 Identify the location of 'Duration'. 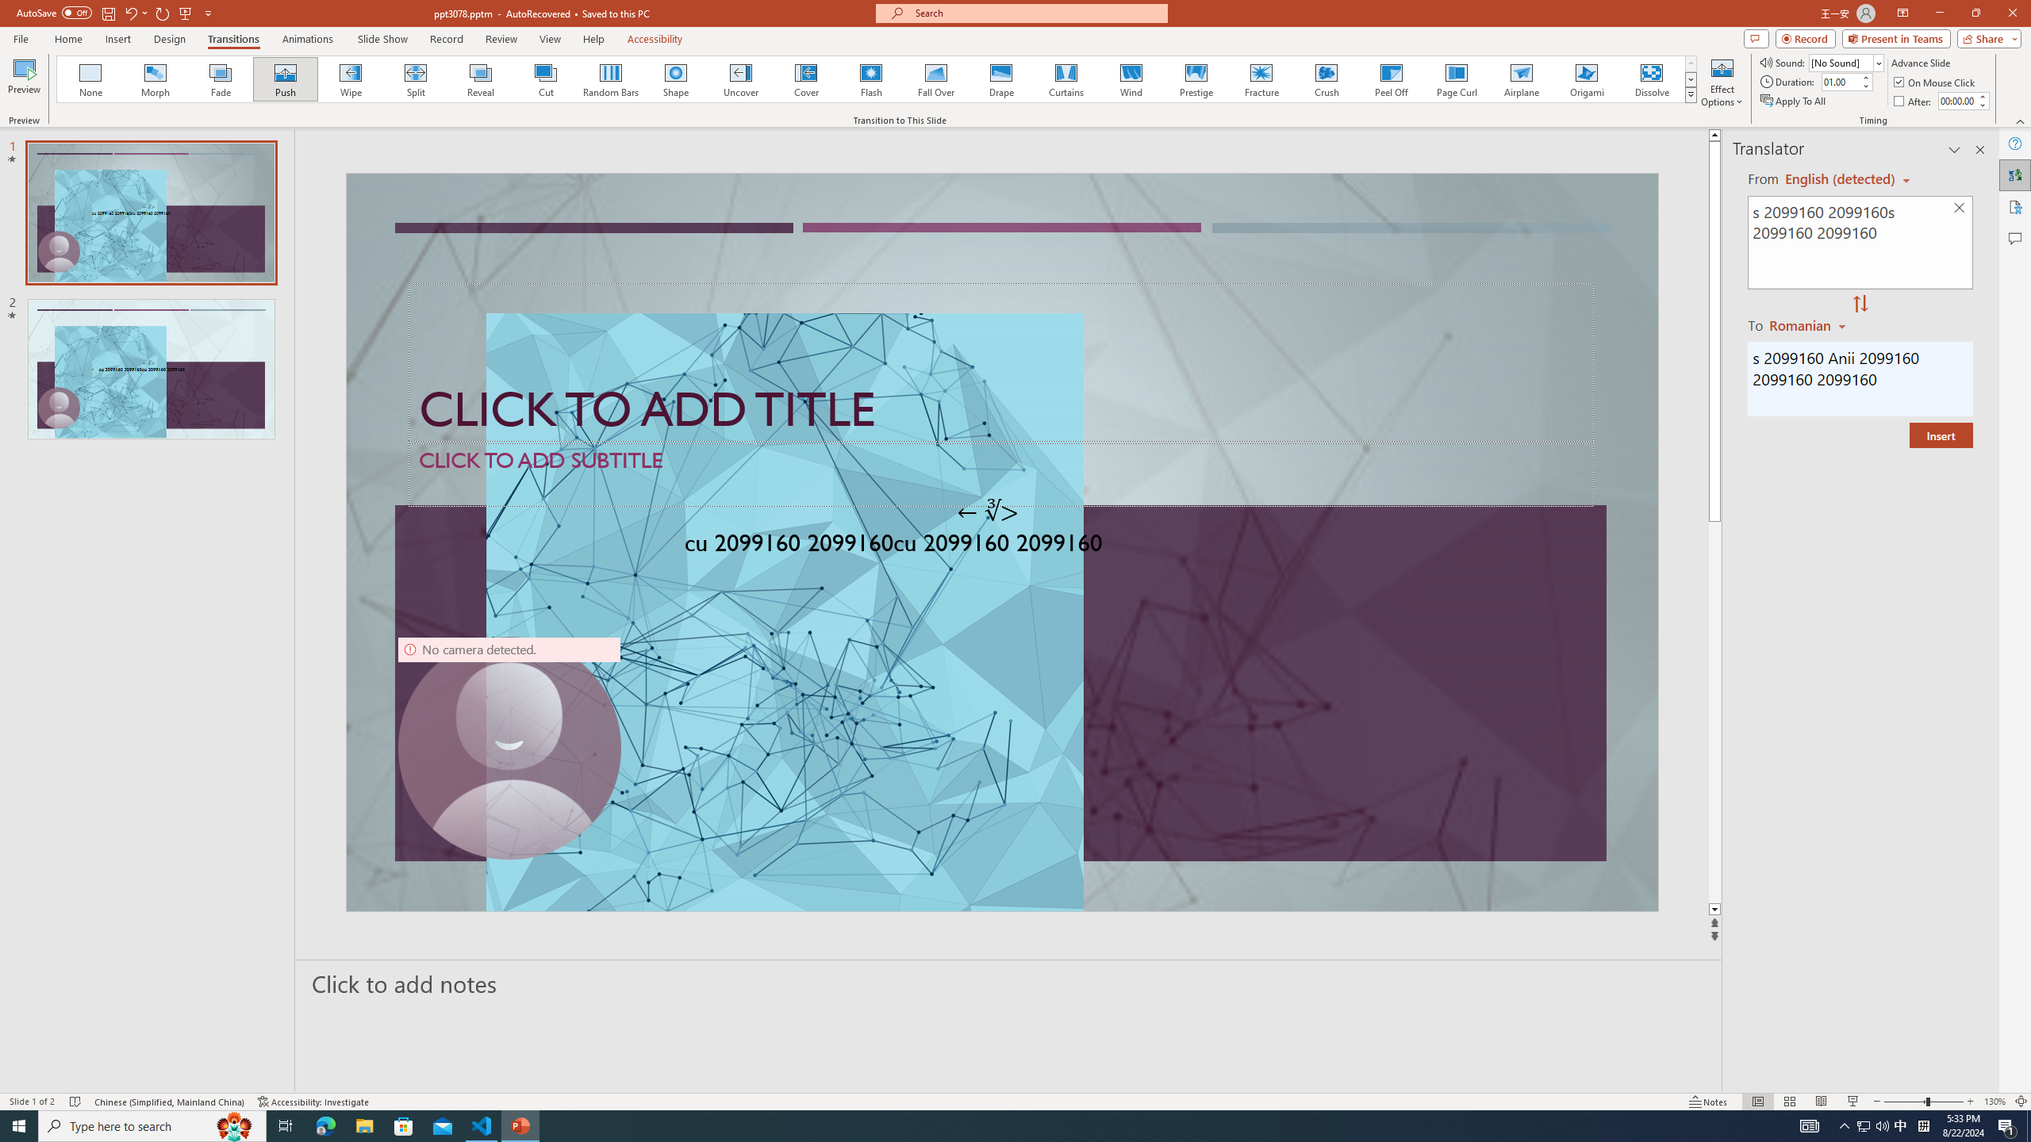
(1840, 81).